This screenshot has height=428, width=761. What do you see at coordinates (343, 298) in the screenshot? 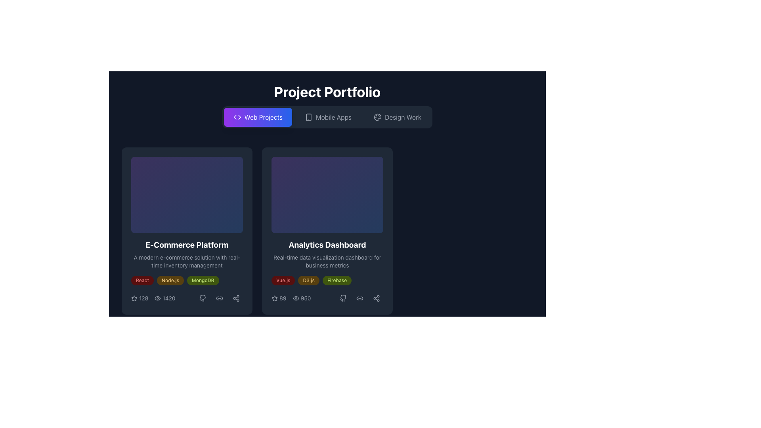
I see `the GitHub icon located in the bottom-right corner of the 'Analytics Dashboard' card, which serves as a link to a GitHub repository` at bounding box center [343, 298].